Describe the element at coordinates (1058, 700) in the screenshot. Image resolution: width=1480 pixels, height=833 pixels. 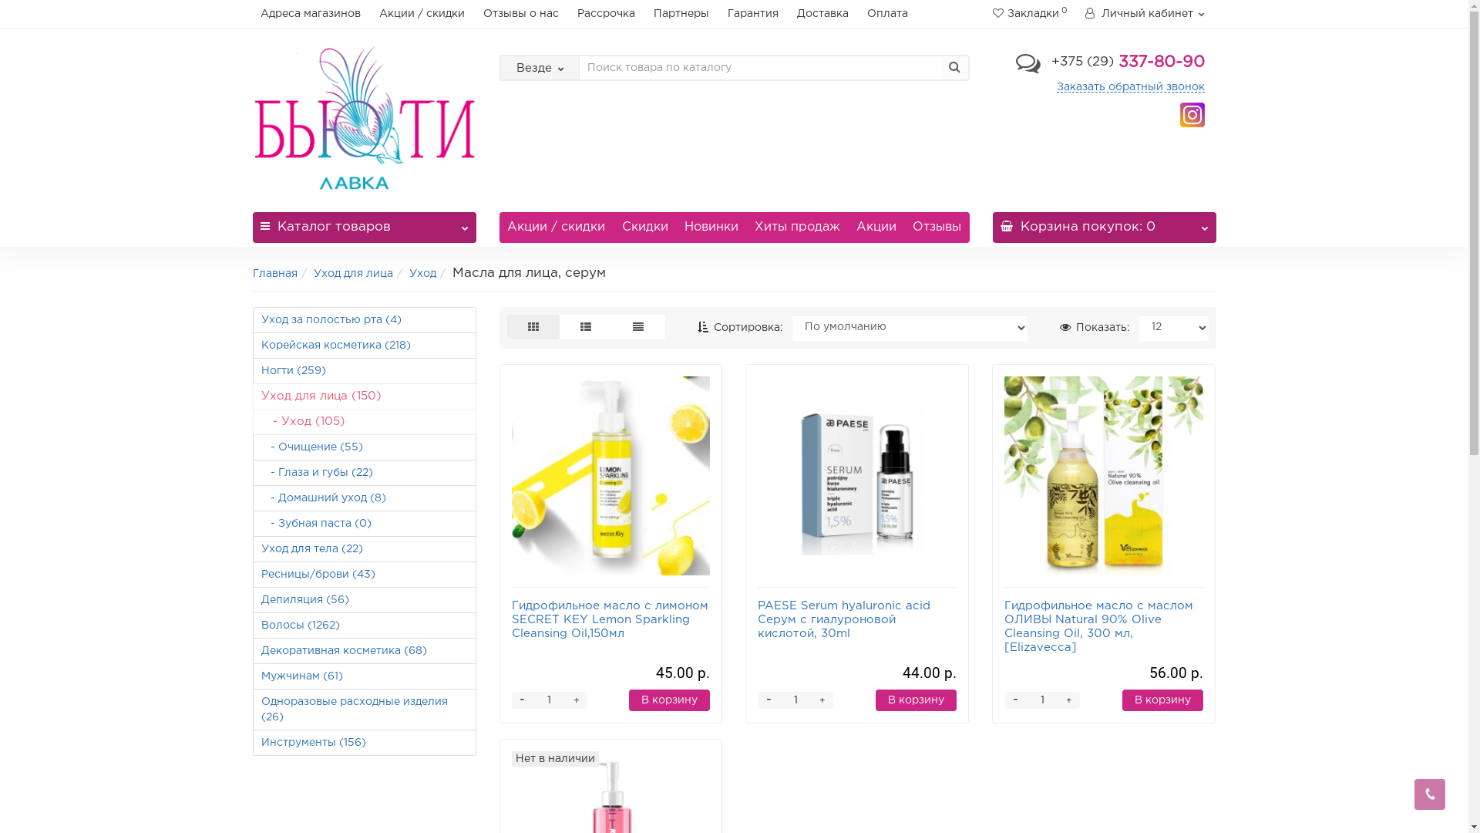
I see `'+'` at that location.